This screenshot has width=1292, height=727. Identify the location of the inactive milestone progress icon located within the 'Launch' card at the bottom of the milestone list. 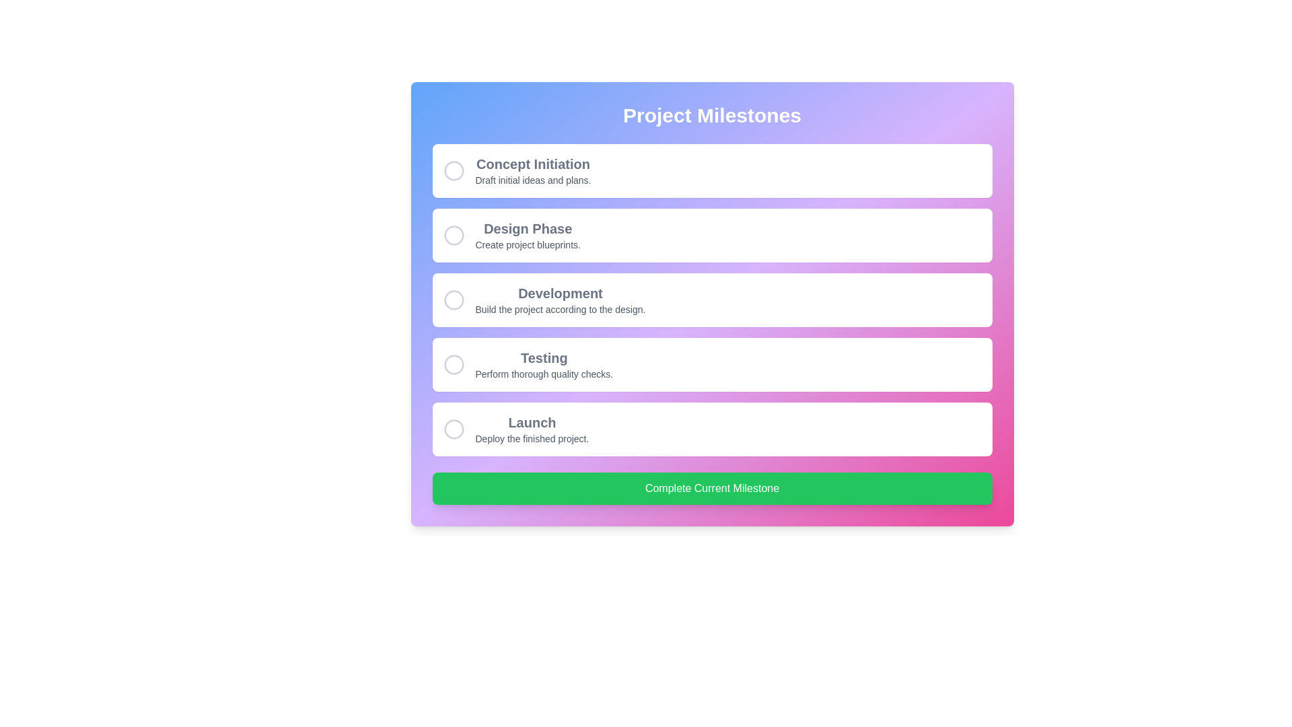
(454, 429).